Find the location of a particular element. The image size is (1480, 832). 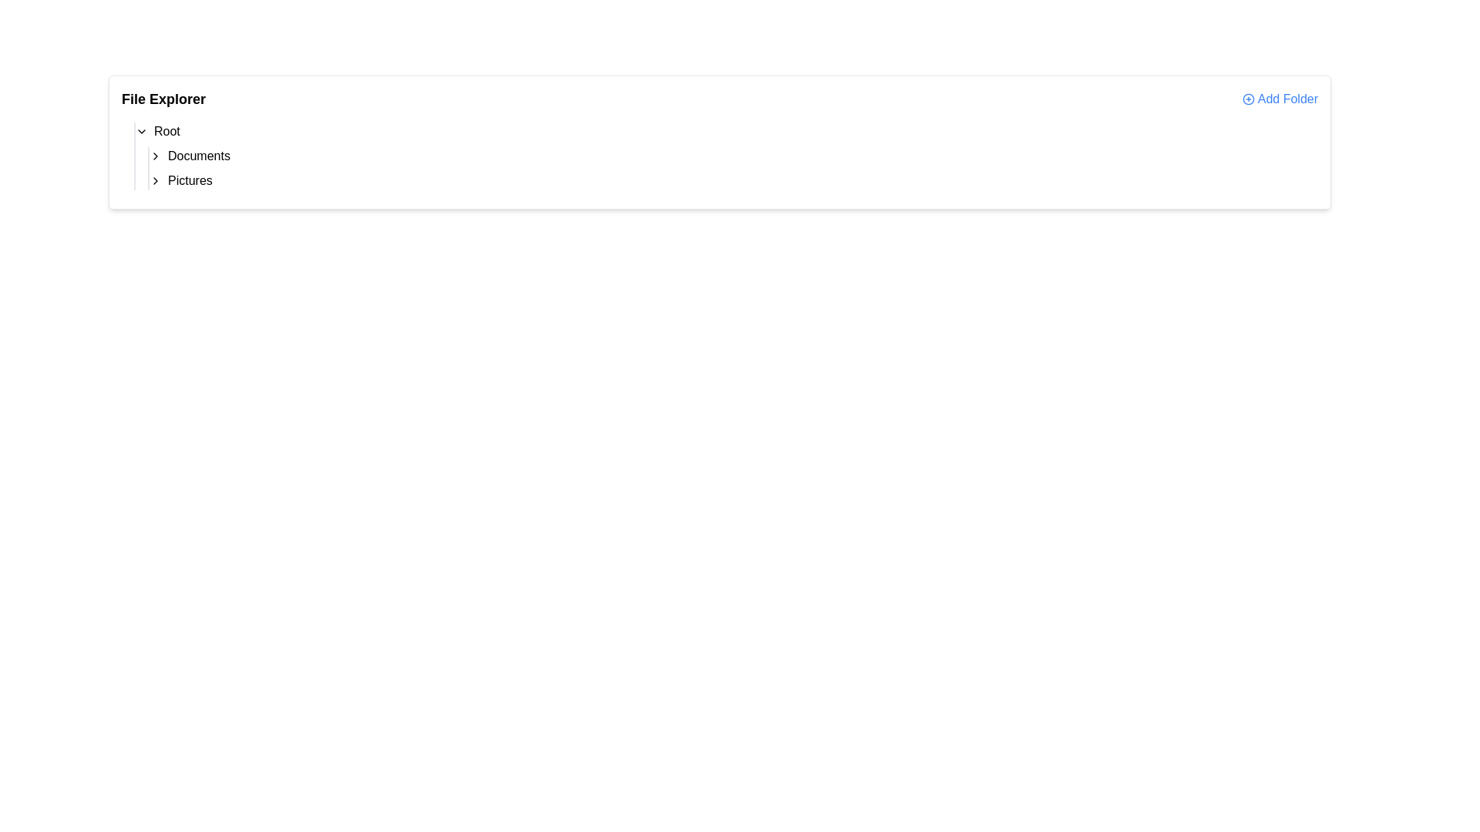

the 'Documents' text label, which is a medium-weight black text positioned to the right of a chevron icon in a clickable area is located at coordinates (198, 156).